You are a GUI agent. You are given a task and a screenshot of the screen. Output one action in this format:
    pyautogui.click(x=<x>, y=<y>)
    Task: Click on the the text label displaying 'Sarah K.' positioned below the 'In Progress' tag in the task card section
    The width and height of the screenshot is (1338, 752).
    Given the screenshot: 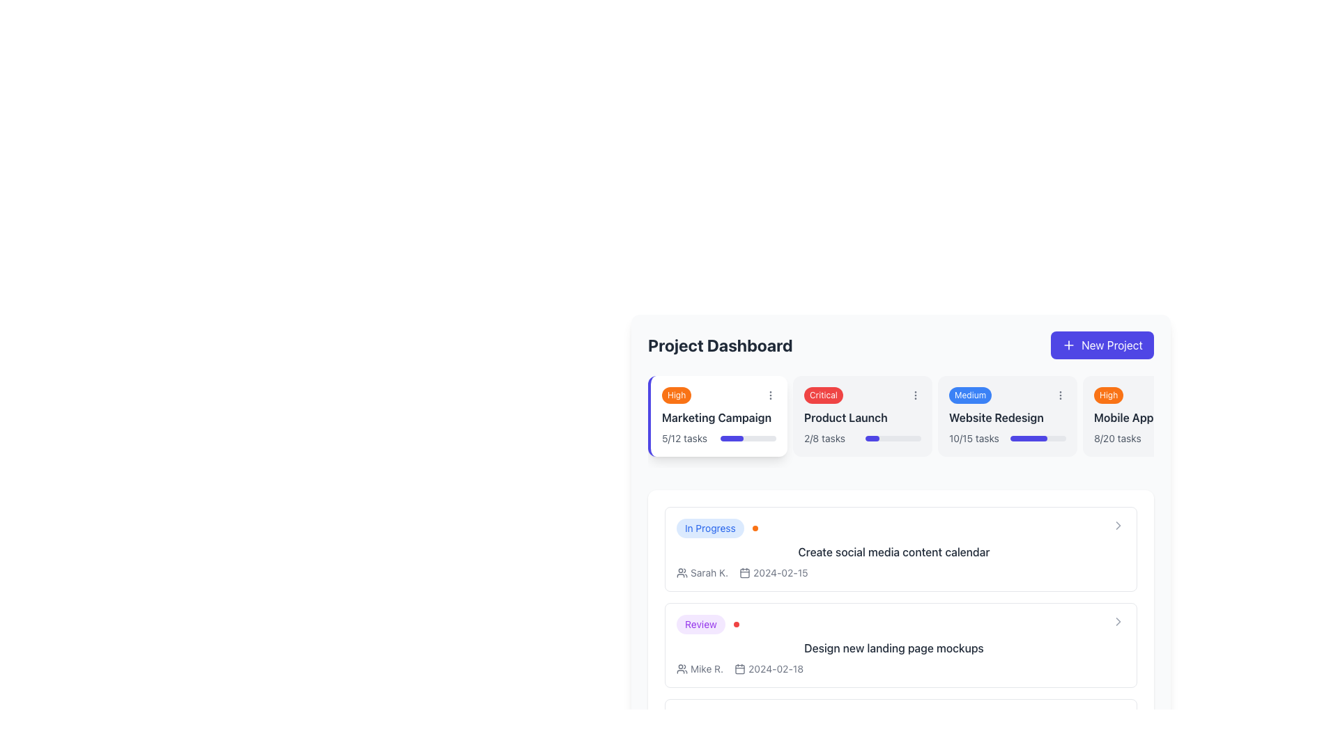 What is the action you would take?
    pyautogui.click(x=709, y=572)
    